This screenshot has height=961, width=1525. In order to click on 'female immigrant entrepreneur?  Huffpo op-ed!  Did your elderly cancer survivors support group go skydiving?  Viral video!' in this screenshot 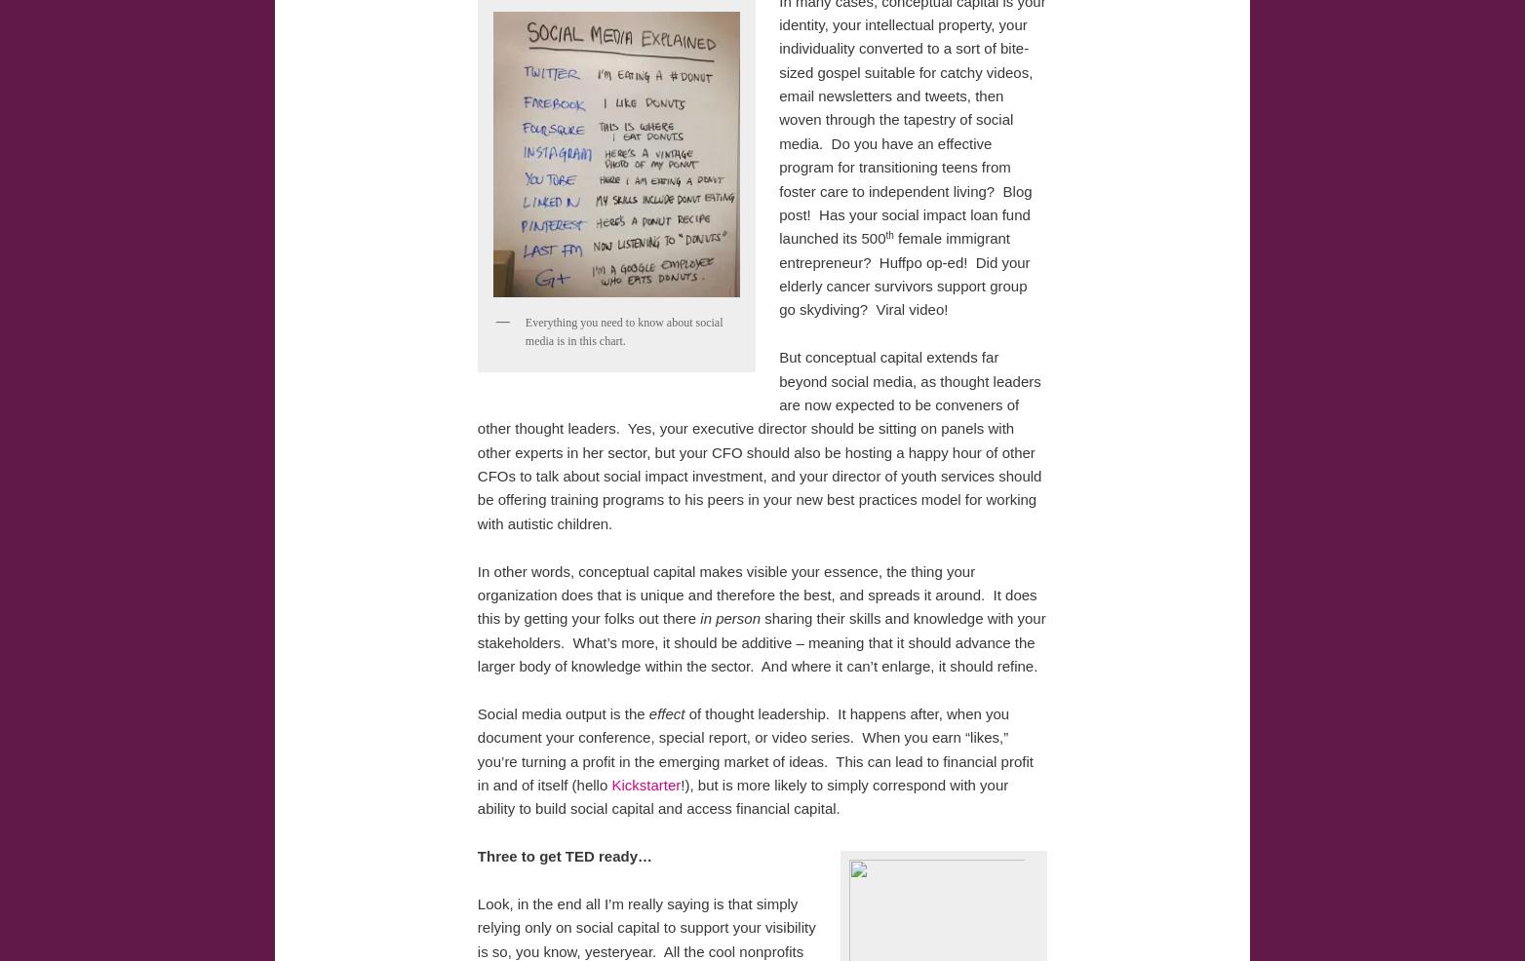, I will do `click(904, 274)`.